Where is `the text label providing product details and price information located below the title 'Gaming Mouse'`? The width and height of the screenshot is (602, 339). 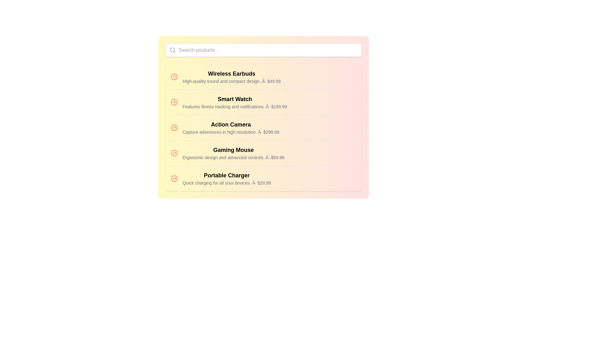 the text label providing product details and price information located below the title 'Gaming Mouse' is located at coordinates (233, 157).